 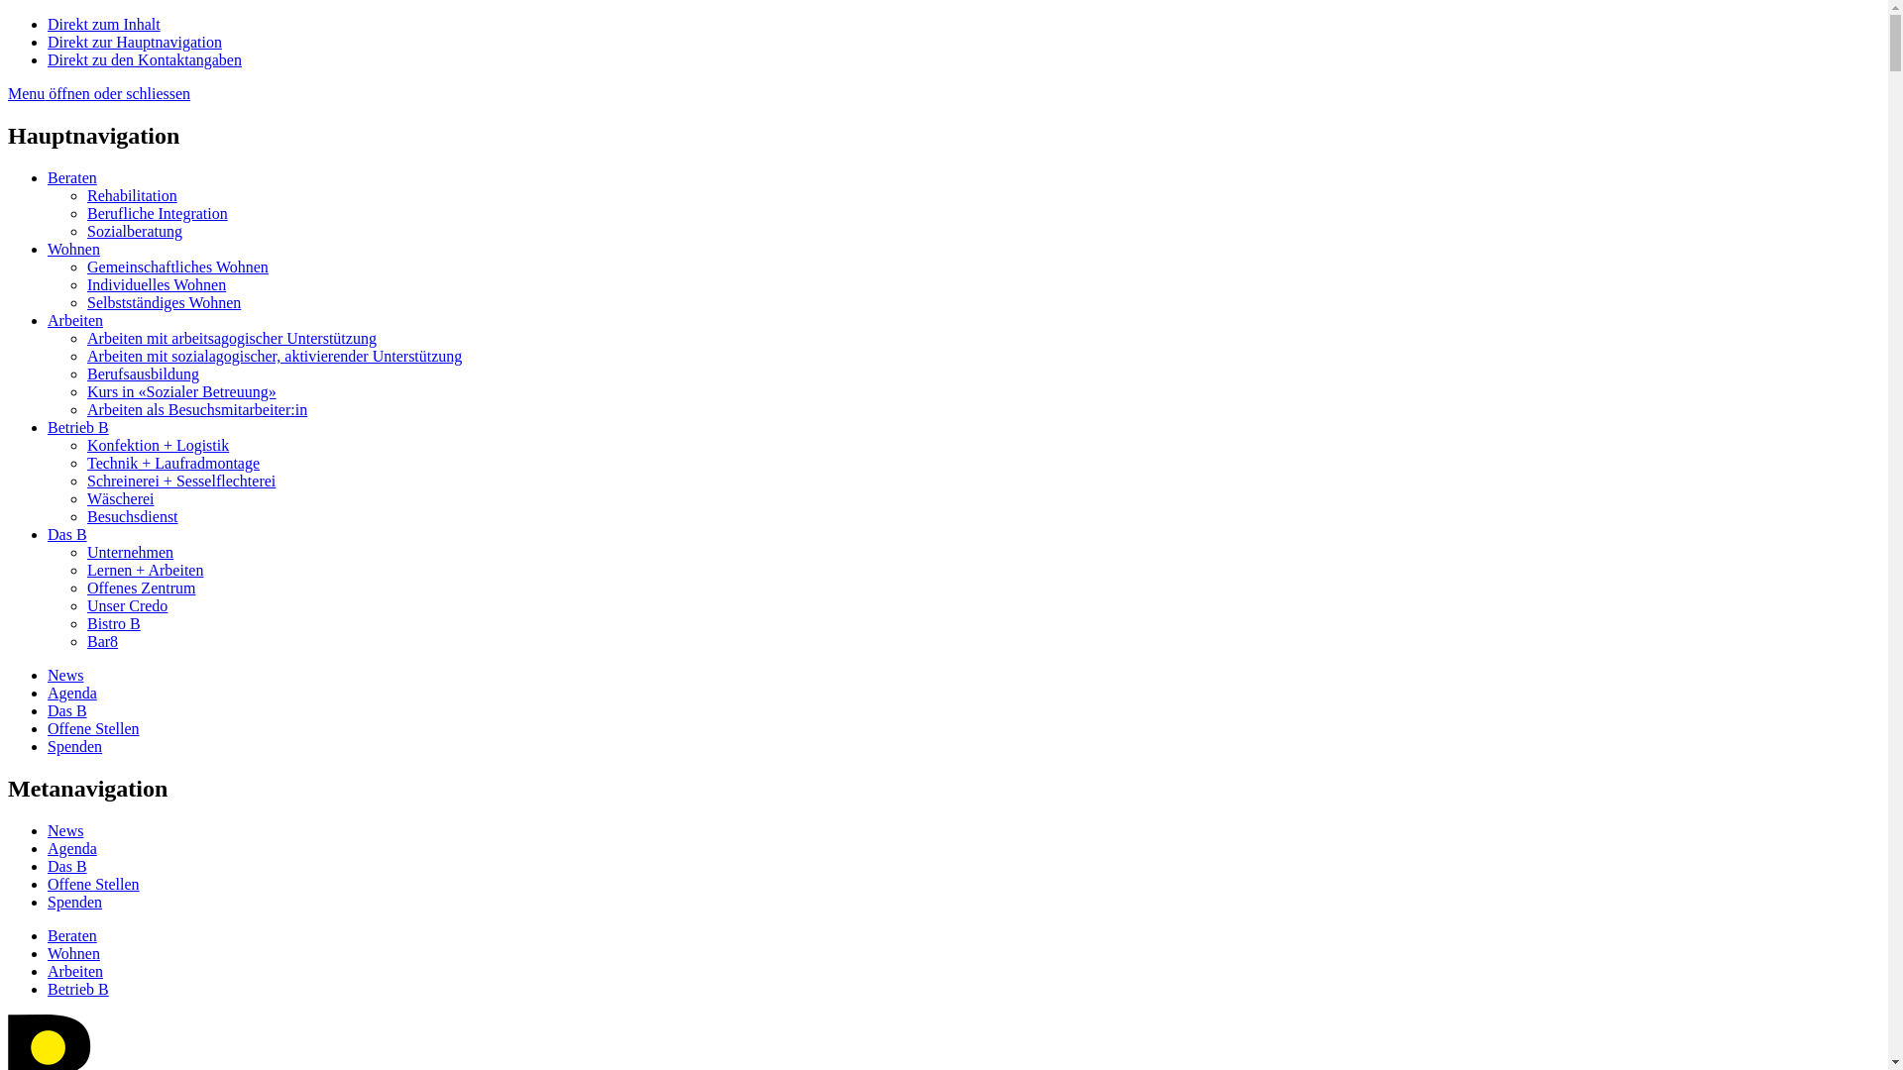 What do you see at coordinates (143, 58) in the screenshot?
I see `'Direkt zu den Kontaktangaben'` at bounding box center [143, 58].